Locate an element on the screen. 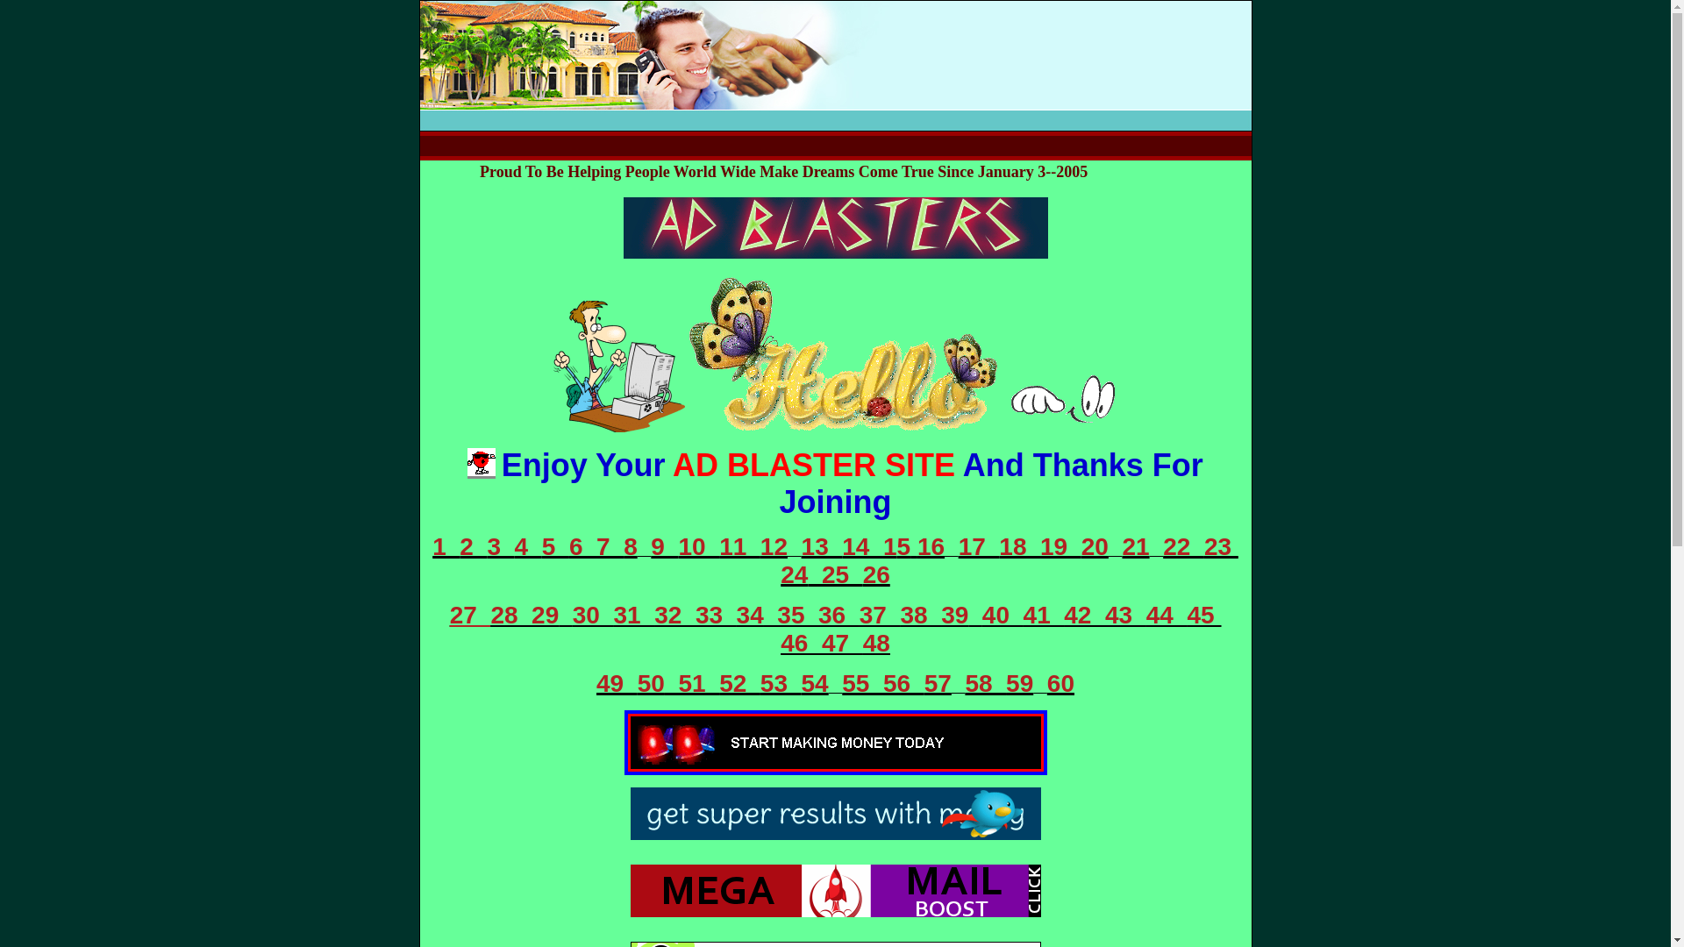 Image resolution: width=1684 pixels, height=947 pixels. '26' is located at coordinates (876, 574).